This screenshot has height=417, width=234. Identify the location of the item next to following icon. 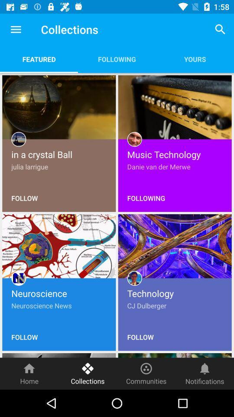
(220, 29).